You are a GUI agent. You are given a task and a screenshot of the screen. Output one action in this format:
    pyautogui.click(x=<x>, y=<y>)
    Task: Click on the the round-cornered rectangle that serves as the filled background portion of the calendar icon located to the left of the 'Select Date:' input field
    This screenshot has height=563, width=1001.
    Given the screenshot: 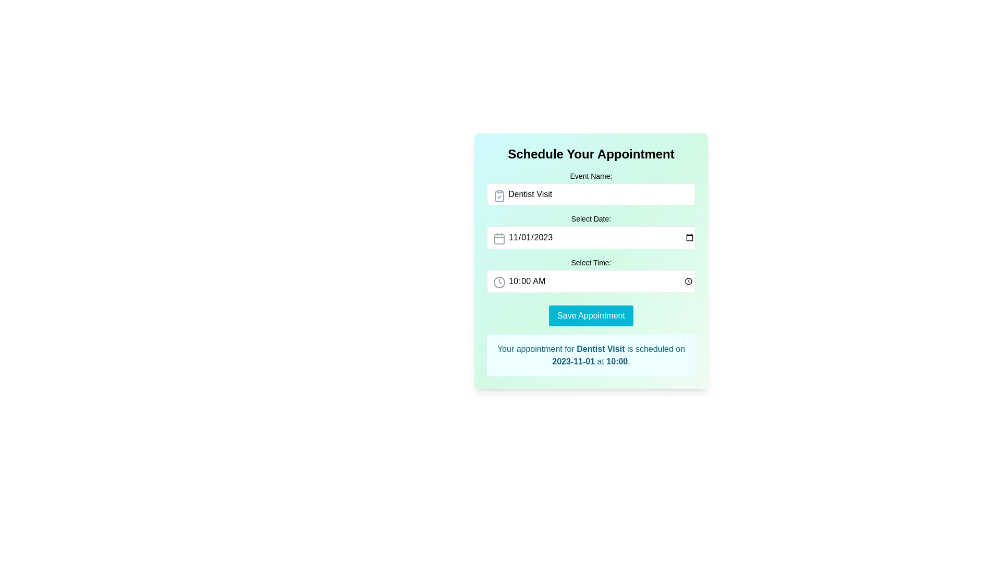 What is the action you would take?
    pyautogui.click(x=499, y=239)
    